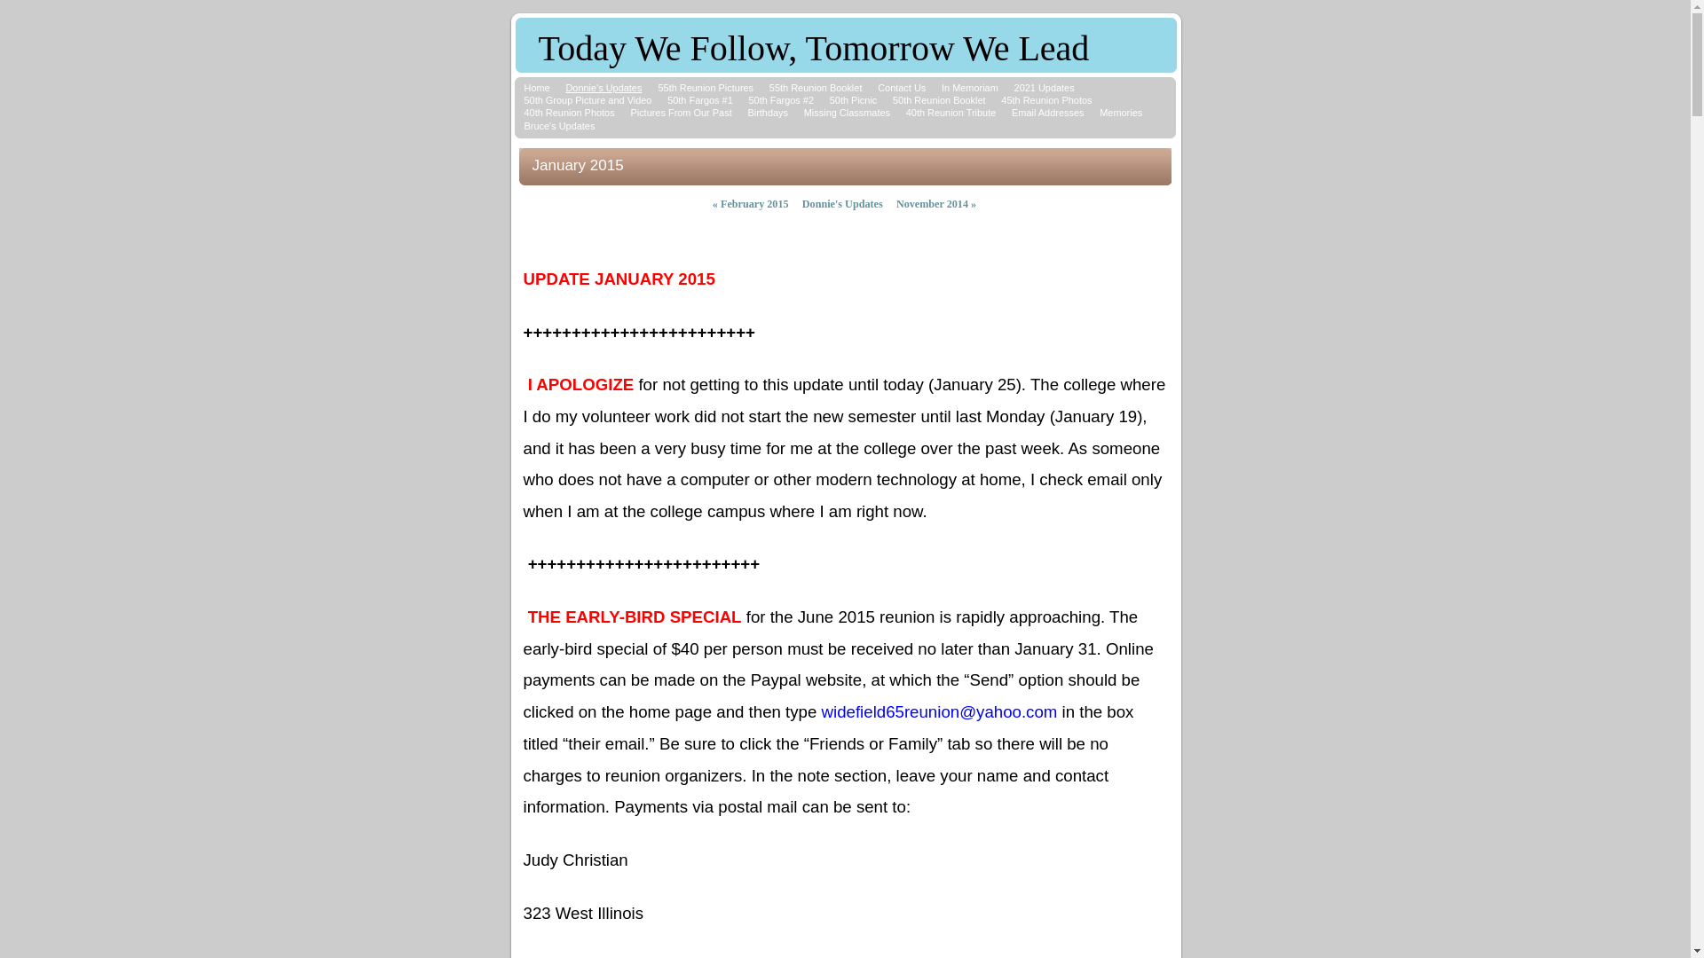 The image size is (1704, 958). Describe the element at coordinates (1119, 113) in the screenshot. I see `'Memories'` at that location.